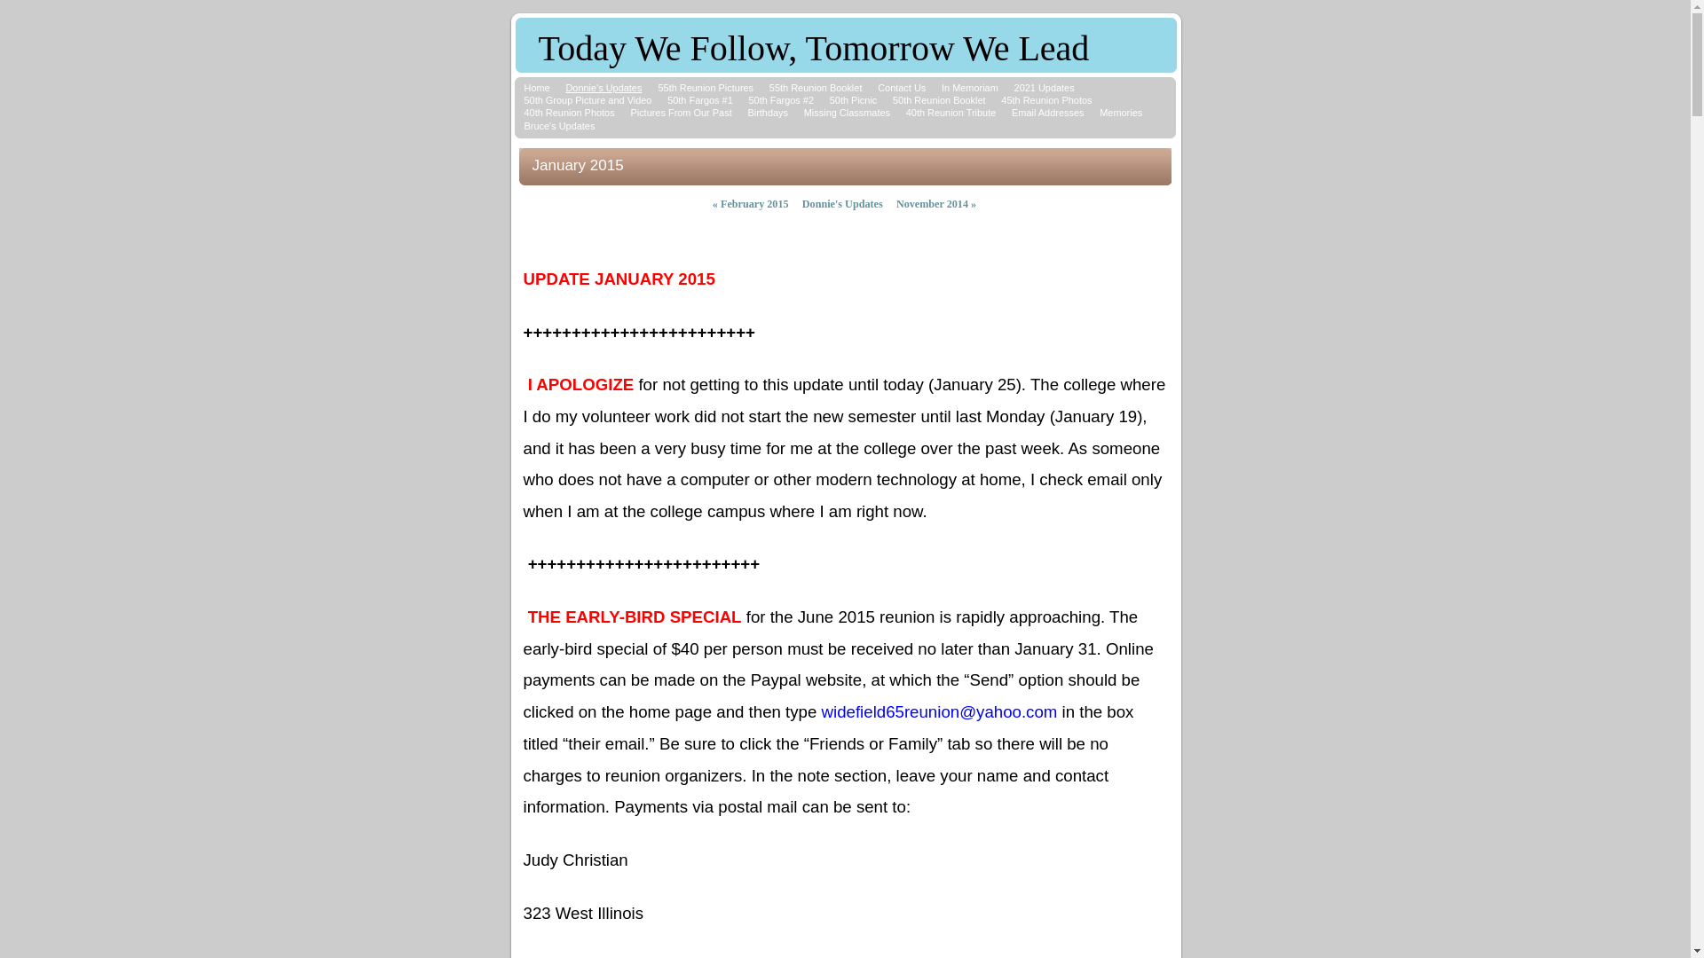 The image size is (1704, 958). Describe the element at coordinates (1119, 113) in the screenshot. I see `'Memories'` at that location.